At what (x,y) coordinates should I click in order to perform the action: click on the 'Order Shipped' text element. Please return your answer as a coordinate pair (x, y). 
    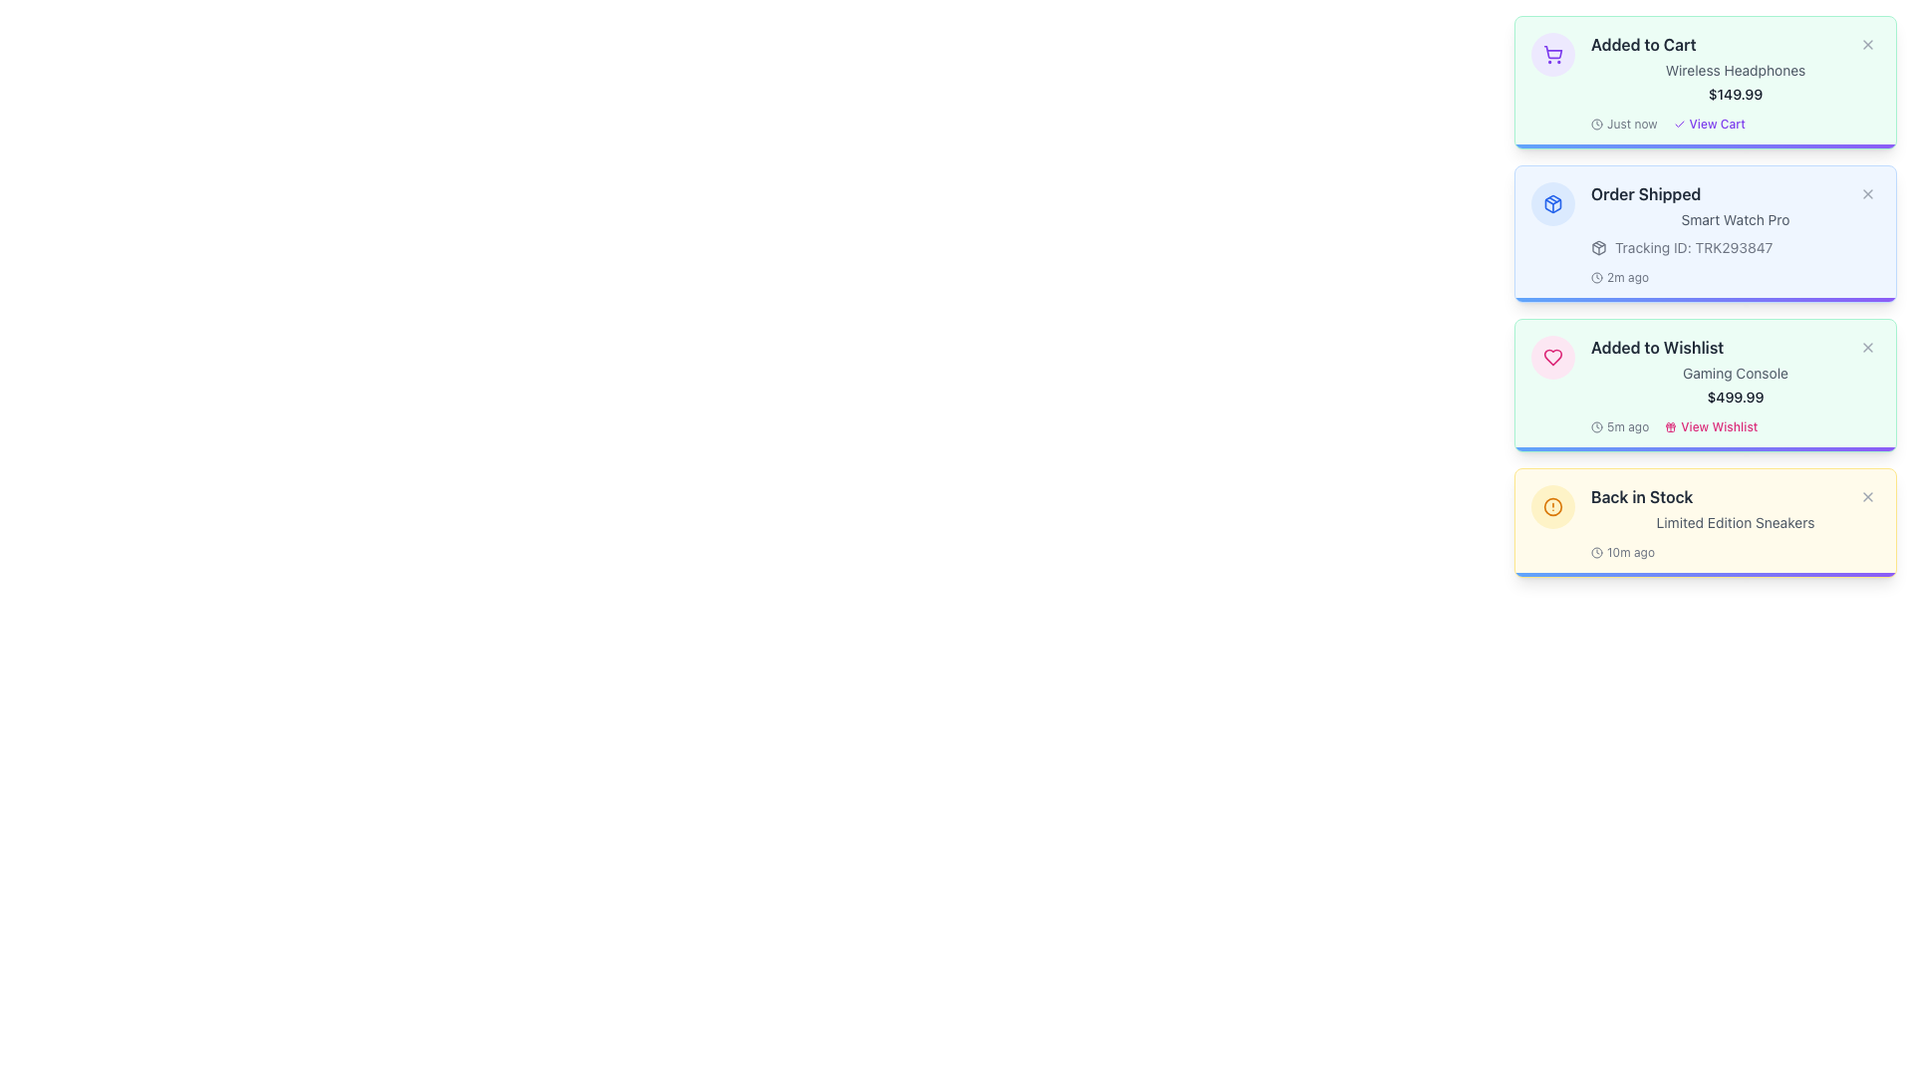
    Looking at the image, I should click on (1646, 194).